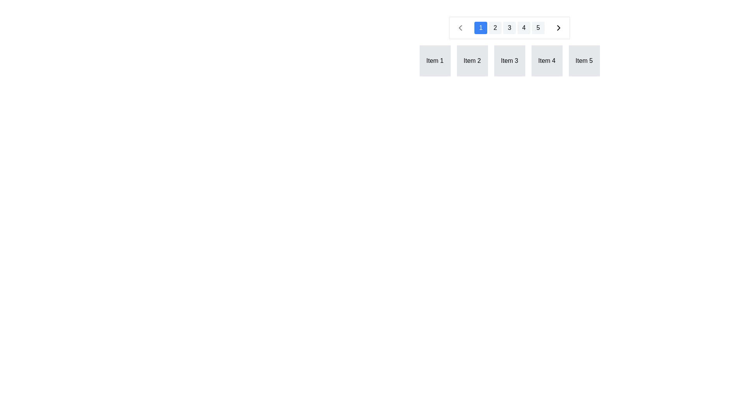  What do you see at coordinates (509, 83) in the screenshot?
I see `the pagination control of the Pagination widget` at bounding box center [509, 83].